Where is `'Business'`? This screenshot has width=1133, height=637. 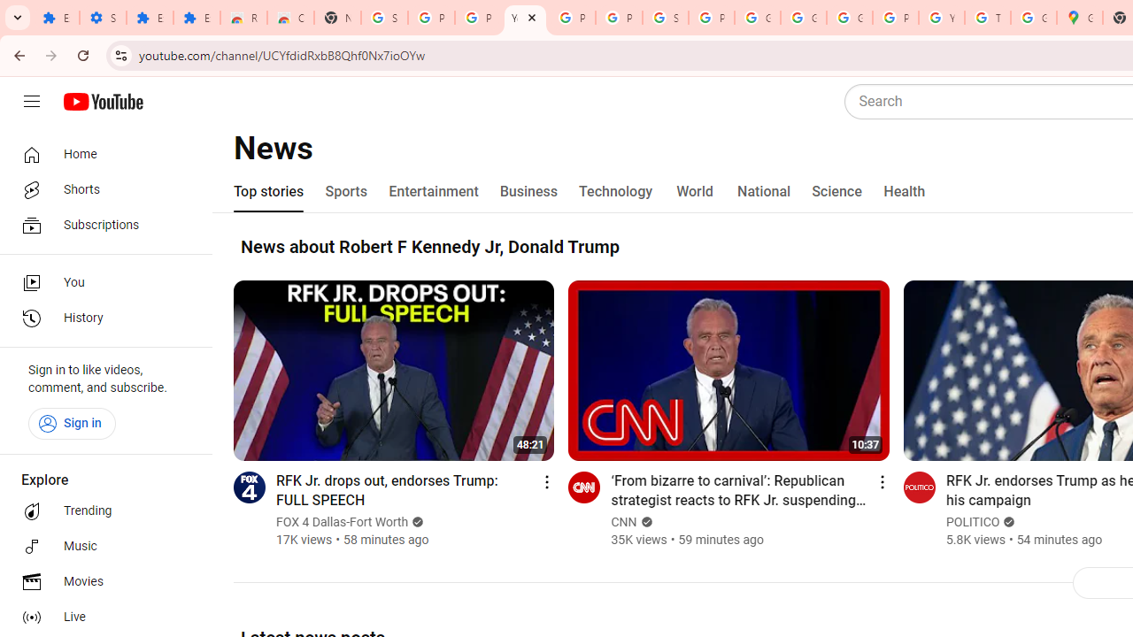 'Business' is located at coordinates (528, 192).